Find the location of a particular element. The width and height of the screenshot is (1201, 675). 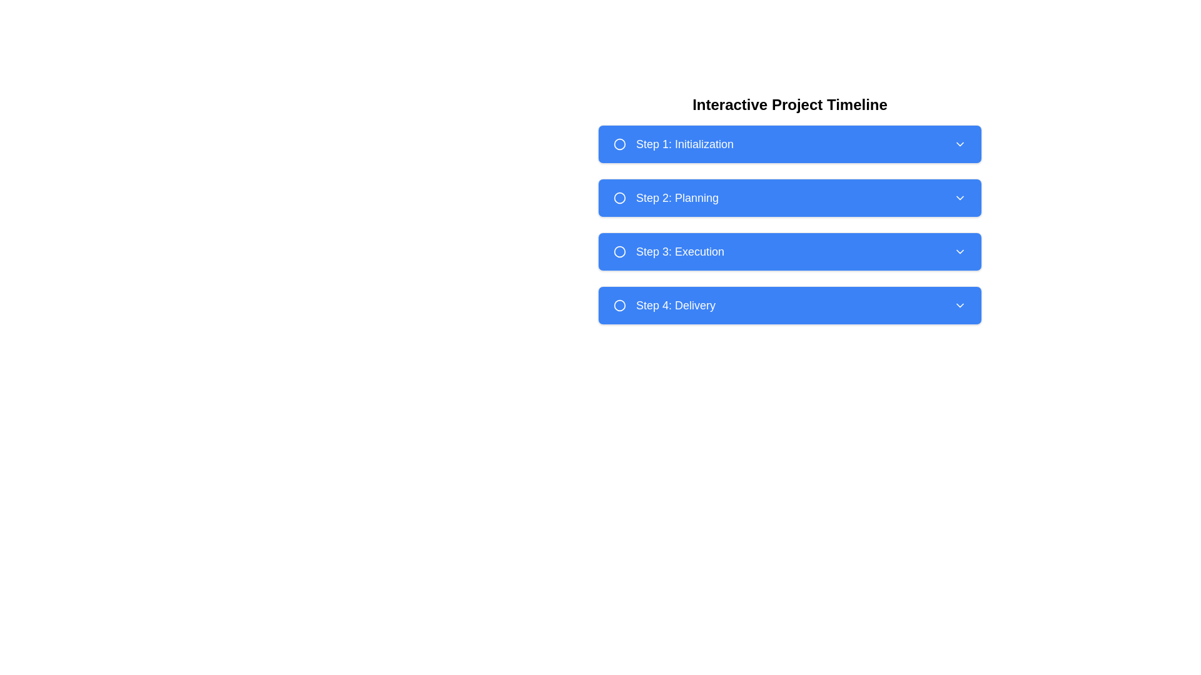

the 'Step 1' button in the project timeline for keyboard navigation is located at coordinates (789, 144).